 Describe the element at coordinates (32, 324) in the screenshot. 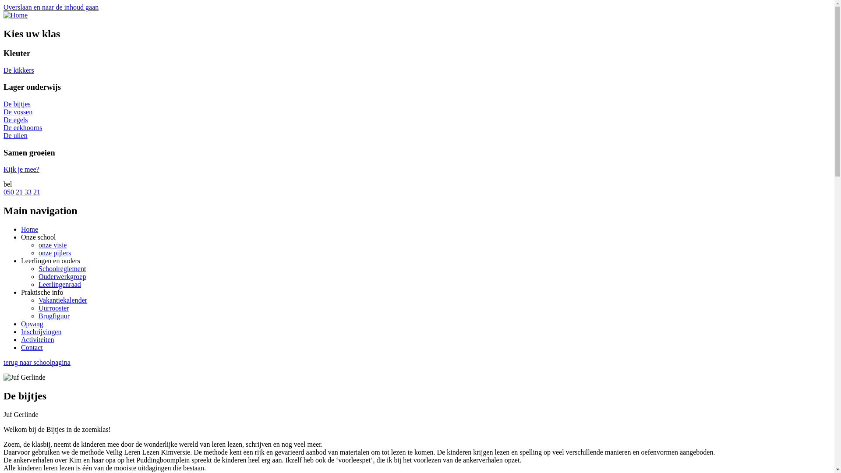

I see `'Opvang'` at that location.